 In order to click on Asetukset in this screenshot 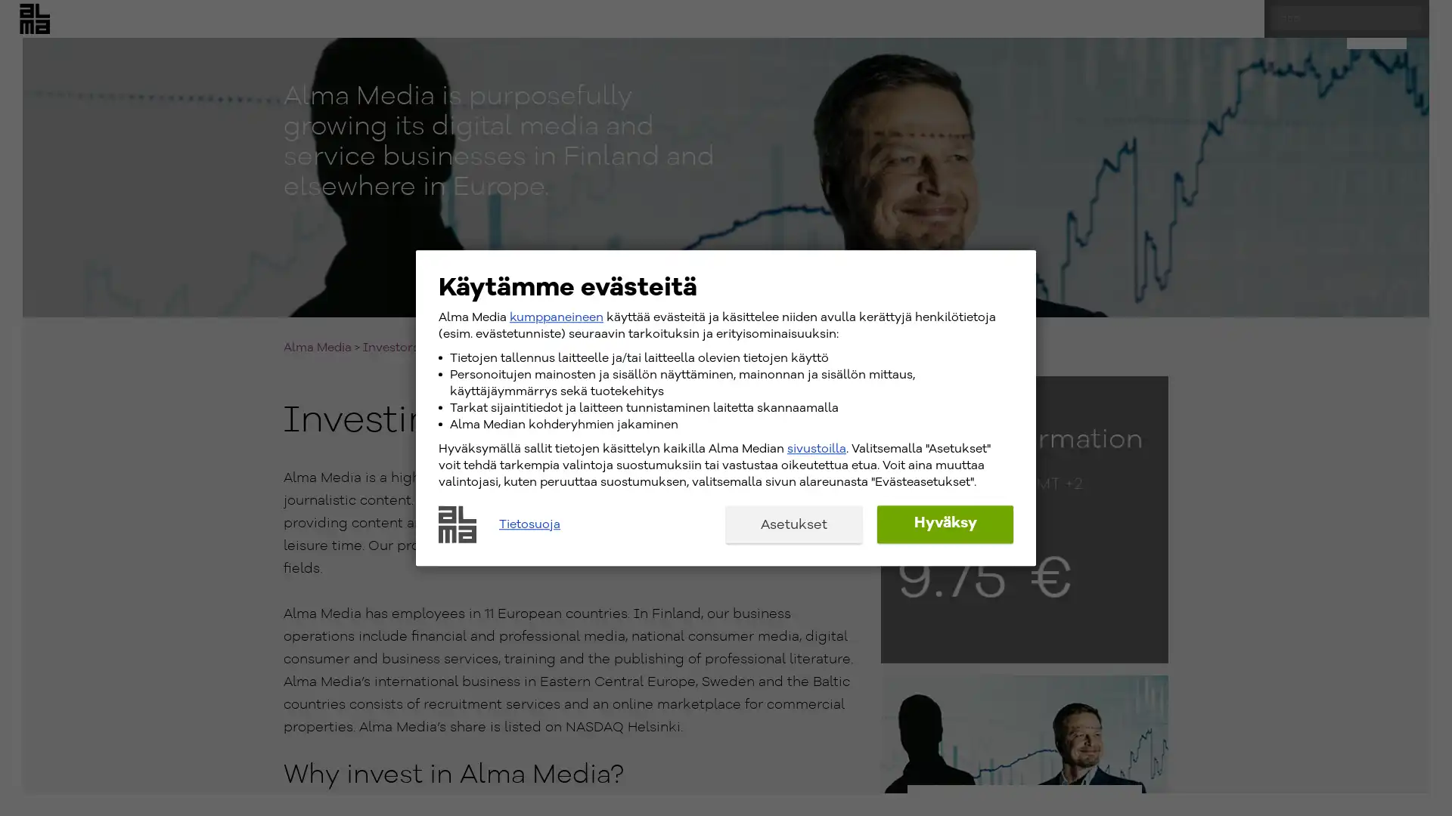, I will do `click(793, 523)`.